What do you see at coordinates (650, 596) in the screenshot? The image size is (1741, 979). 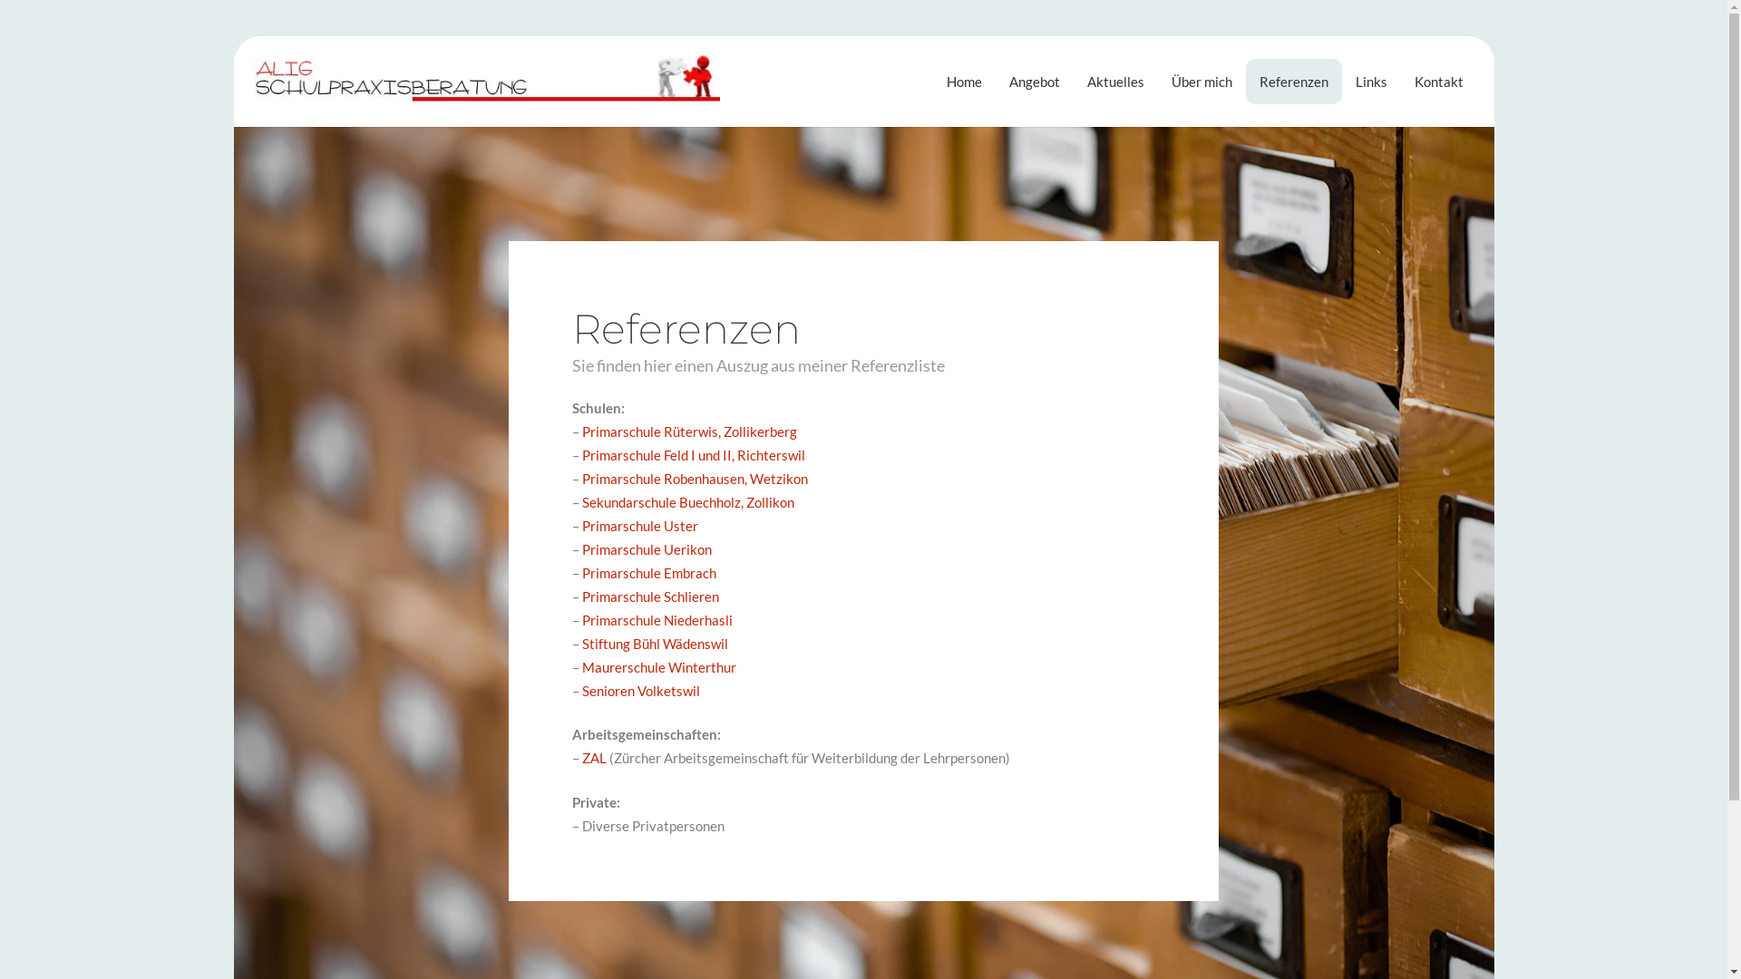 I see `'Primarschule Schlieren'` at bounding box center [650, 596].